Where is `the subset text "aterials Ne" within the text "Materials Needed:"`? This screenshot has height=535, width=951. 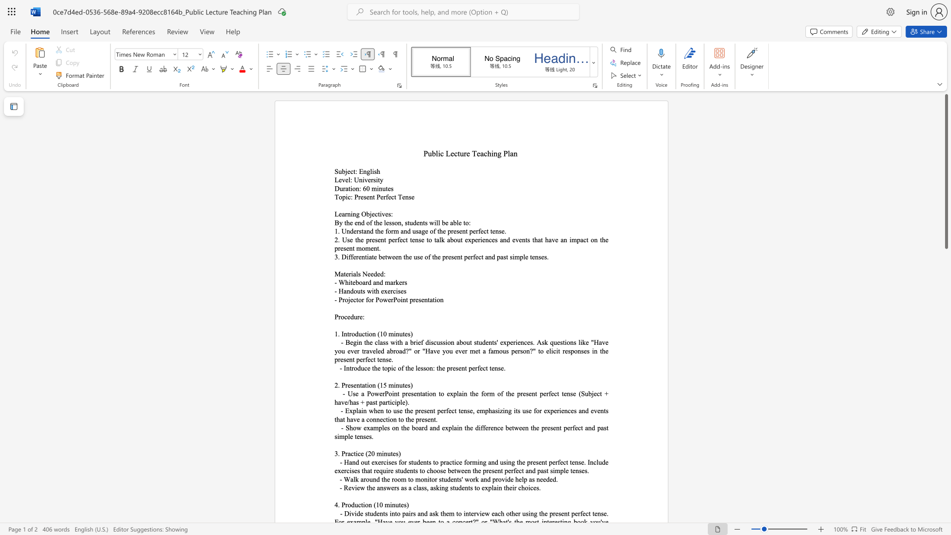 the subset text "aterials Ne" within the text "Materials Needed:" is located at coordinates (340, 274).